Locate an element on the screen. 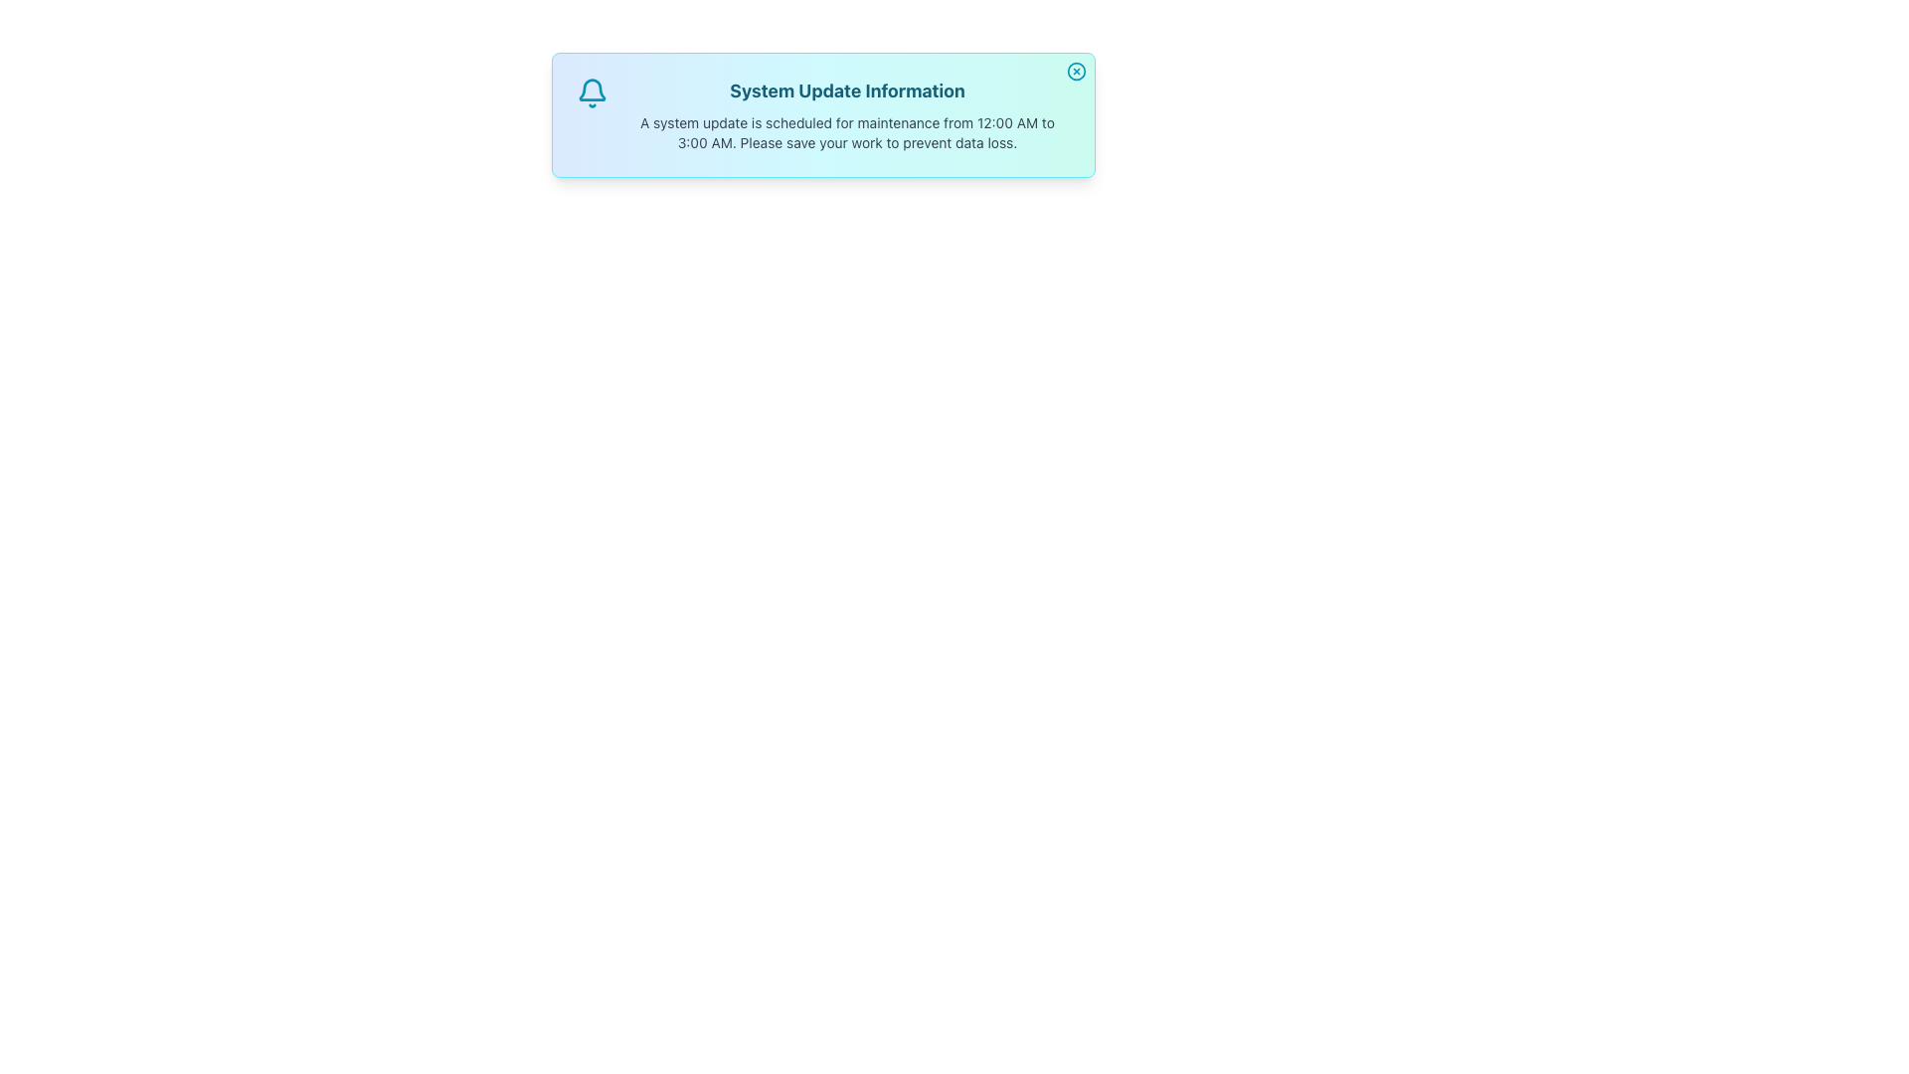 This screenshot has height=1074, width=1909. the text label which serves as the header for the notification box, located centrally at the top of the notification box is located at coordinates (847, 91).